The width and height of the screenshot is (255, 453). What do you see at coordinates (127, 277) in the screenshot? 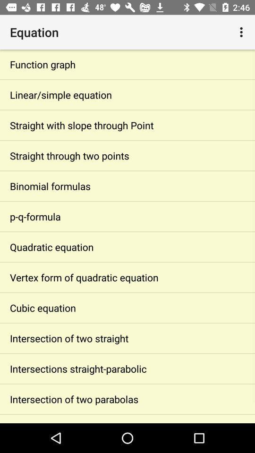
I see `the item above cubic equation icon` at bounding box center [127, 277].